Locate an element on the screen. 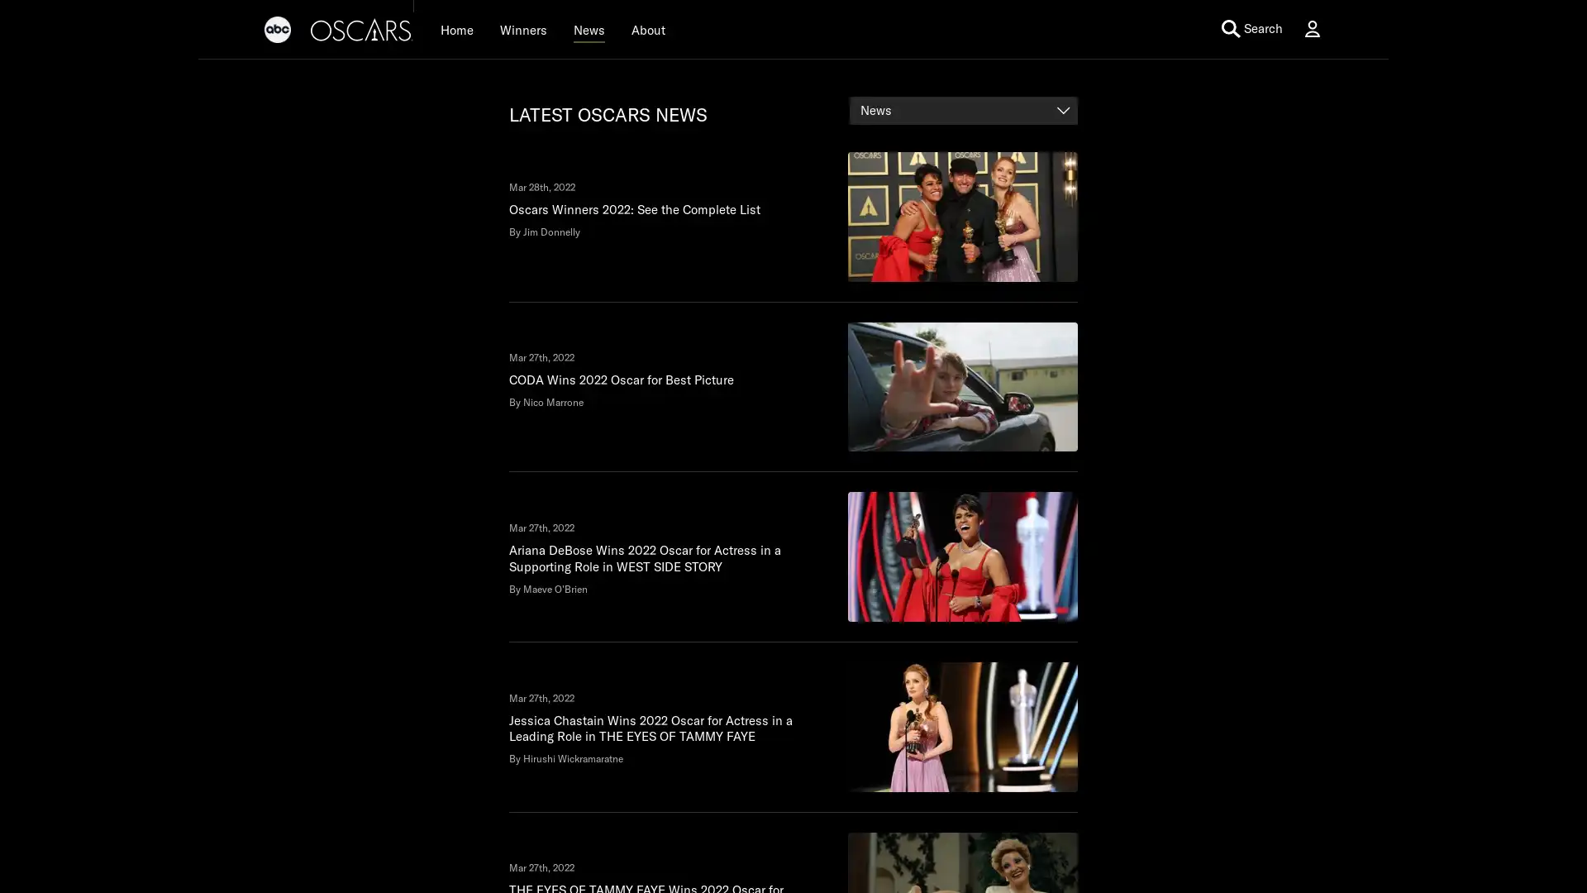 The height and width of the screenshot is (893, 1587). search for a show is located at coordinates (1199, 28).